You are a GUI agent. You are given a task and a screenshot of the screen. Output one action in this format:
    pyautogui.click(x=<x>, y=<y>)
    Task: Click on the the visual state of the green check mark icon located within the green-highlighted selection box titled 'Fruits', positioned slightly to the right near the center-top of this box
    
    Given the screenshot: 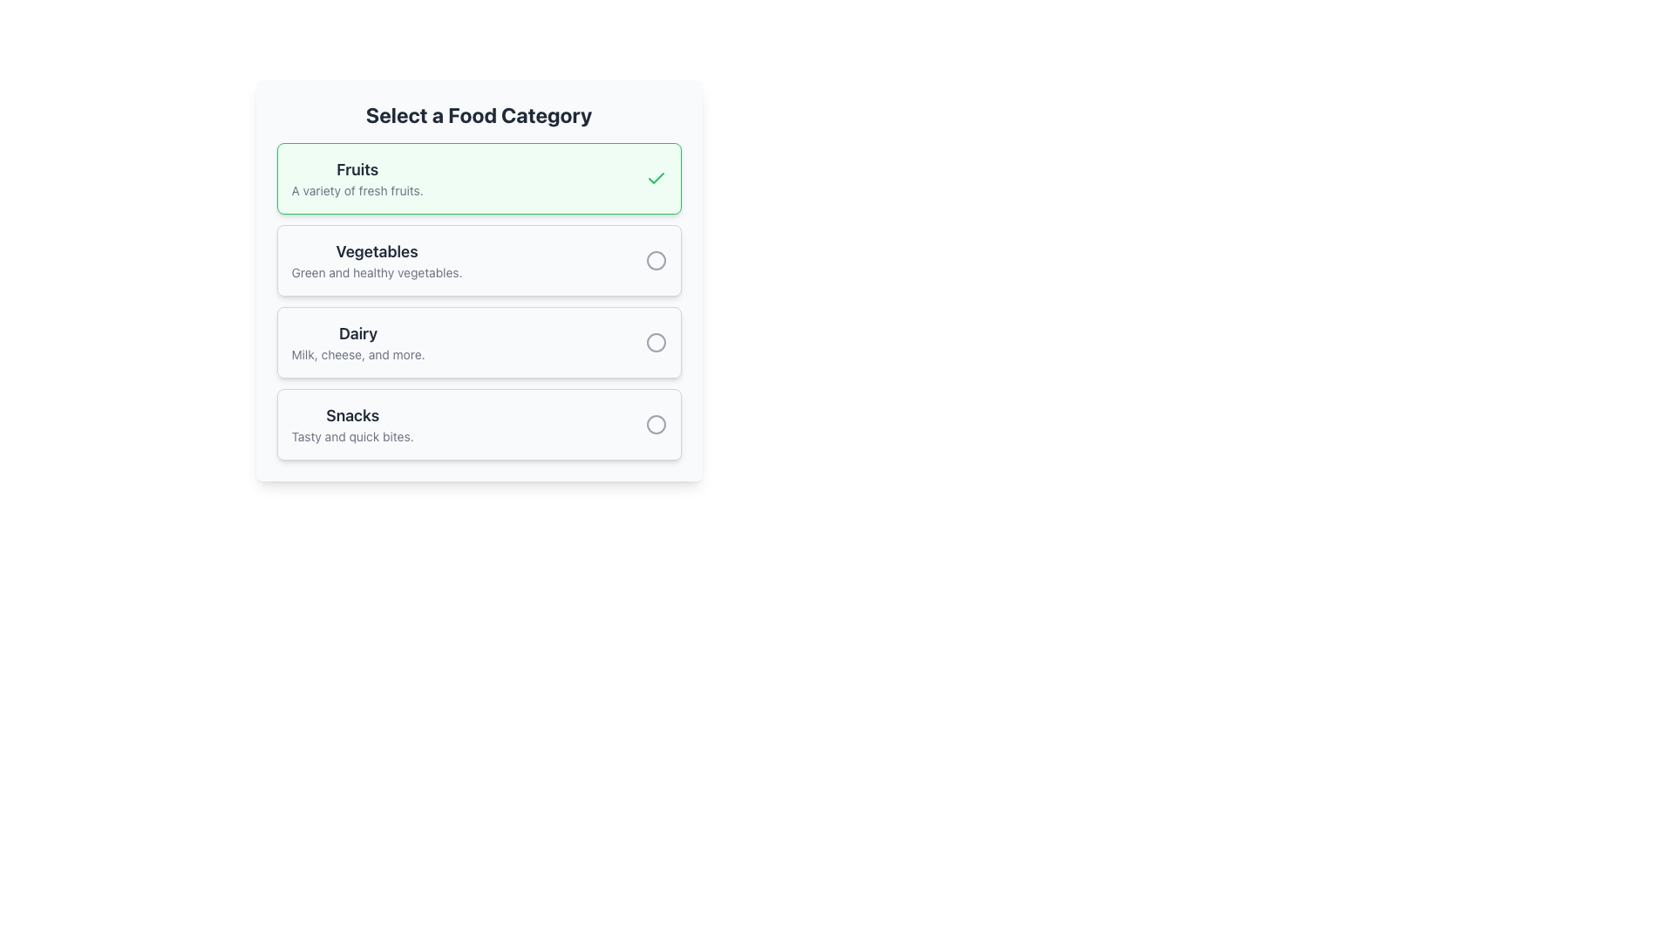 What is the action you would take?
    pyautogui.click(x=655, y=178)
    